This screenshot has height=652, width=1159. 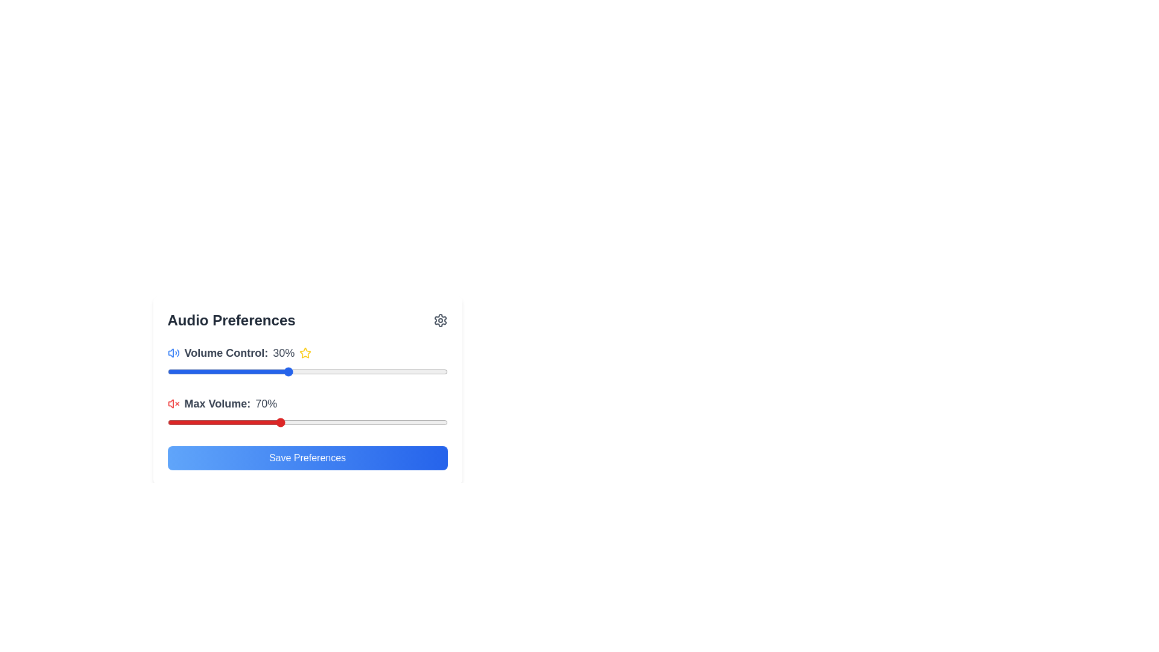 I want to click on the 'Volume Control' text, so click(x=307, y=362).